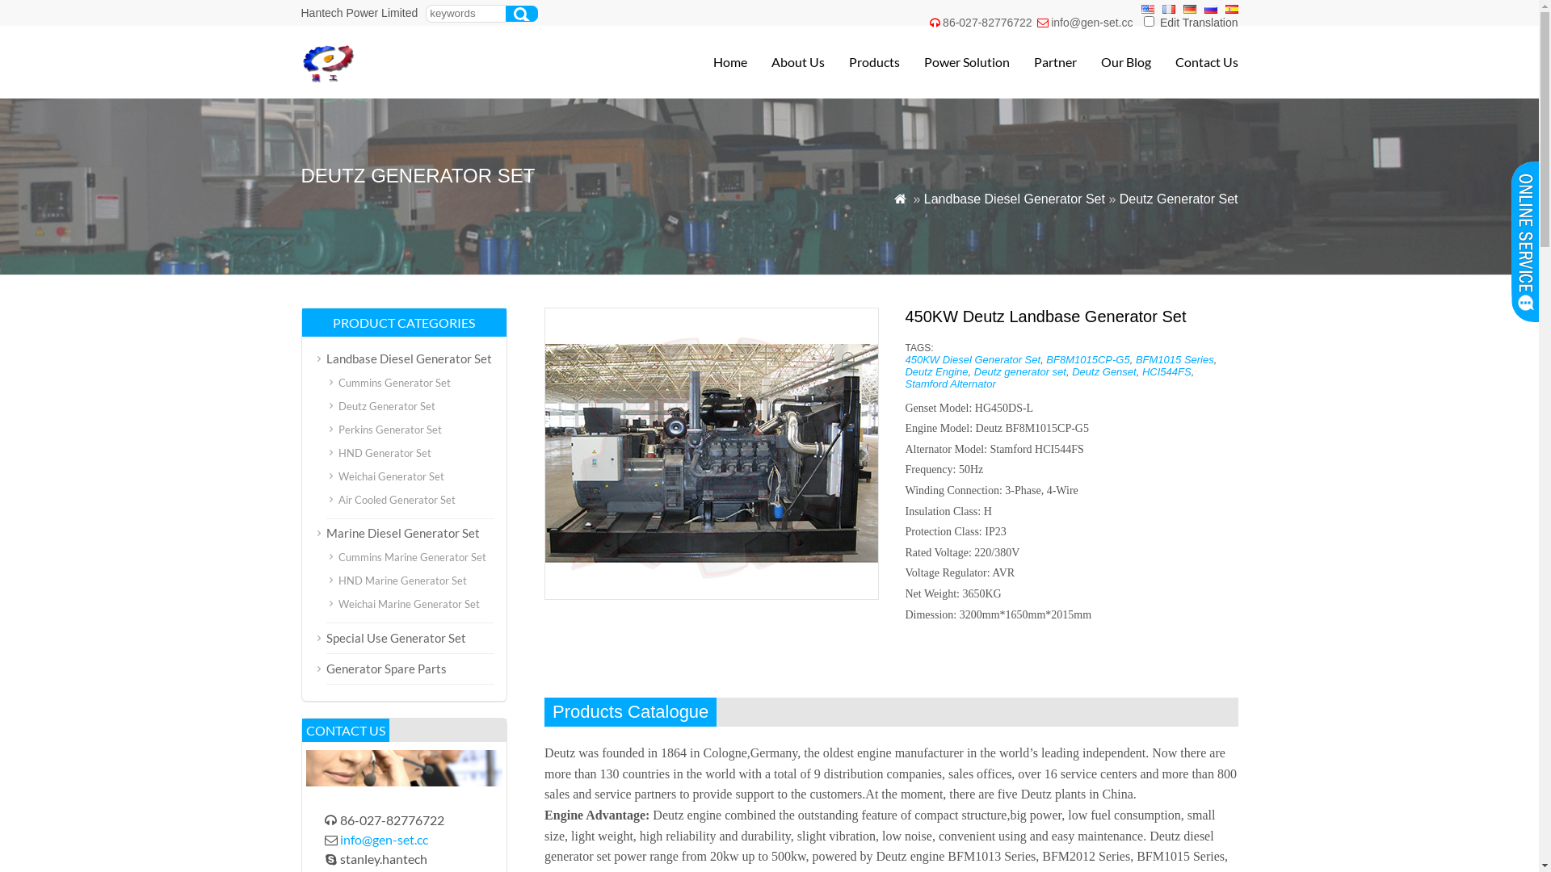 Image resolution: width=1551 pixels, height=872 pixels. I want to click on 'Our Blog', so click(1112, 61).